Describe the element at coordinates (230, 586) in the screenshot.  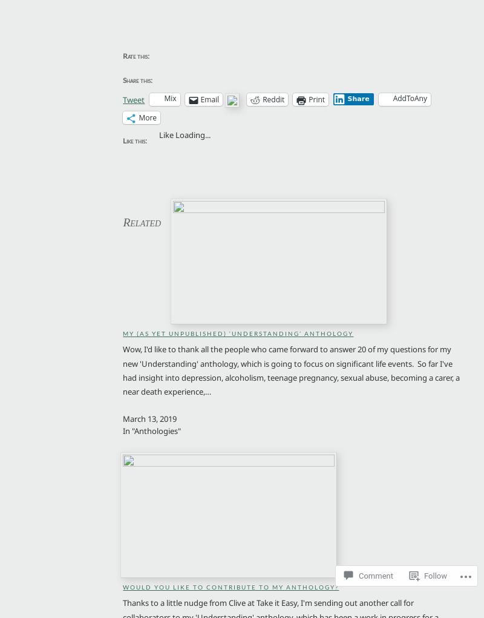
I see `'Would you Like to Contribute to my Anthology?'` at that location.